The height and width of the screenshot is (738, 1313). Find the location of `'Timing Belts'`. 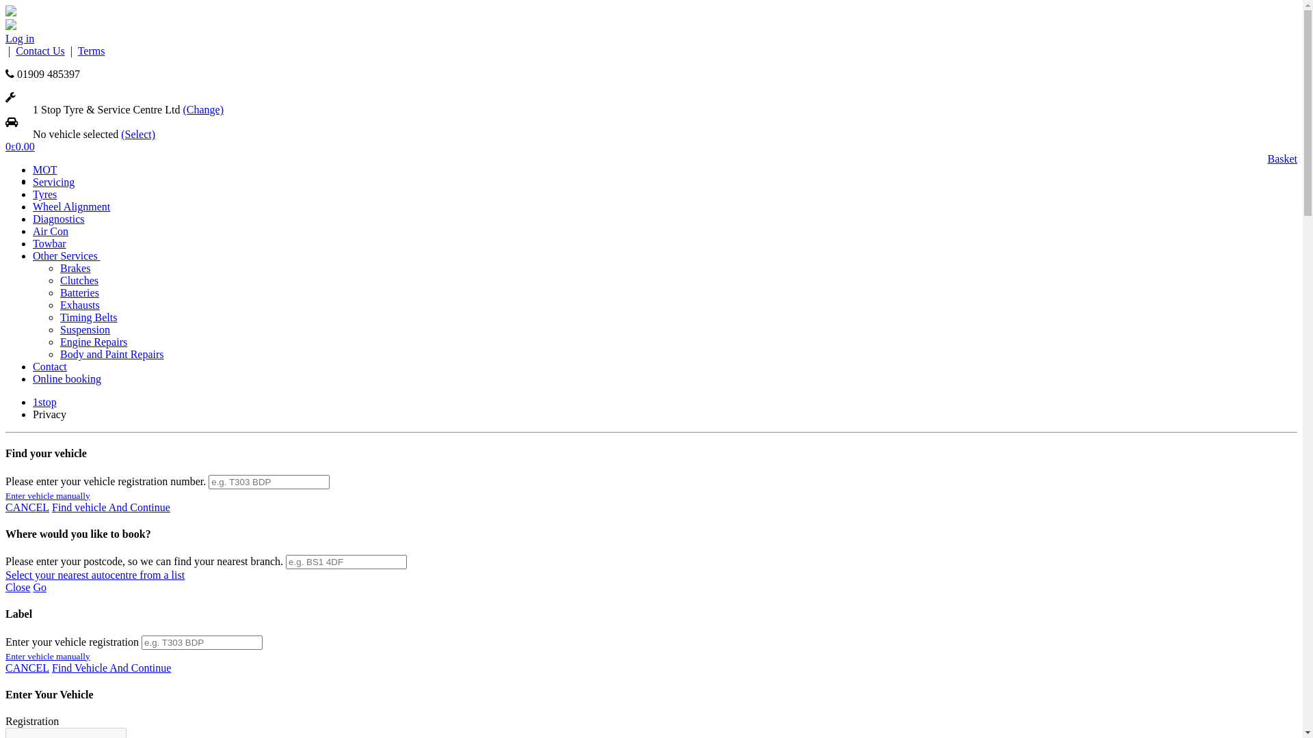

'Timing Belts' is located at coordinates (88, 317).